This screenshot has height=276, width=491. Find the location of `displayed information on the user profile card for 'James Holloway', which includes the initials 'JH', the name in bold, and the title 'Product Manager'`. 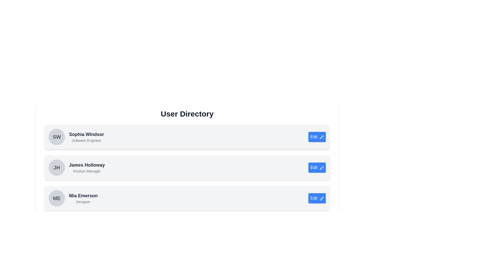

displayed information on the user profile card for 'James Holloway', which includes the initials 'JH', the name in bold, and the title 'Product Manager' is located at coordinates (76, 167).